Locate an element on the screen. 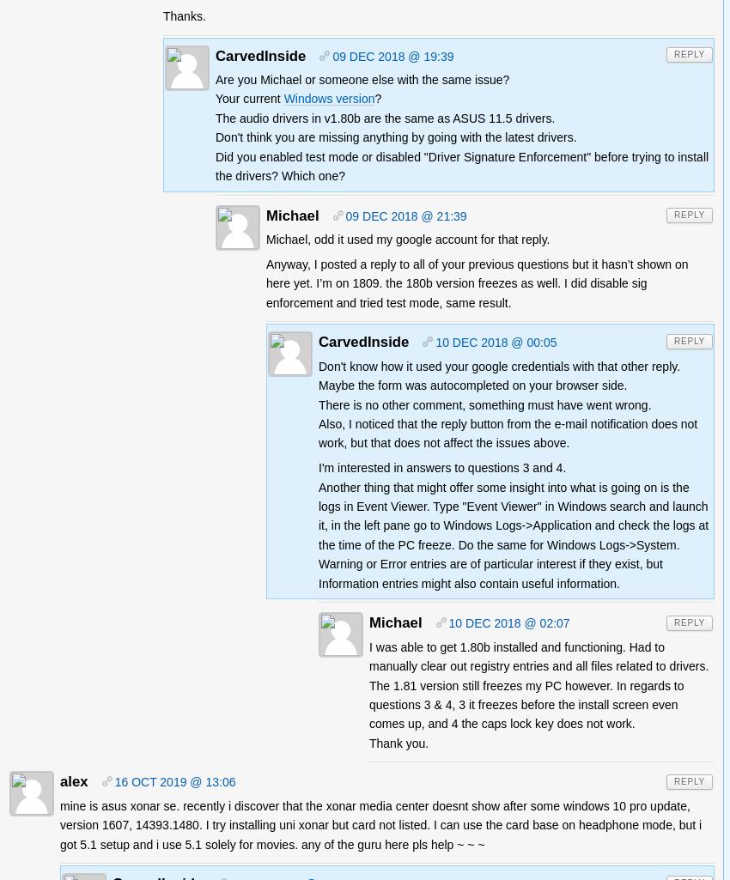  'Are you Michael or someone else with the same issue?' is located at coordinates (216, 78).